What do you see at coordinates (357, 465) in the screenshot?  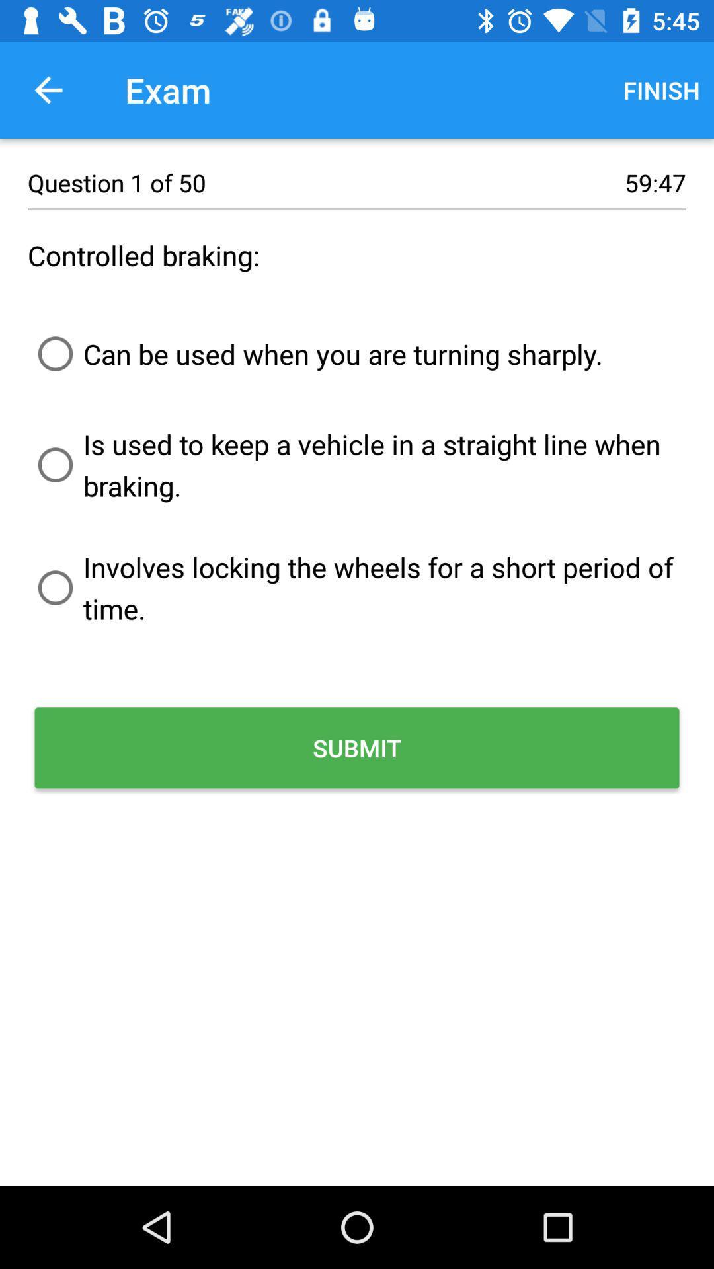 I see `the is used to` at bounding box center [357, 465].